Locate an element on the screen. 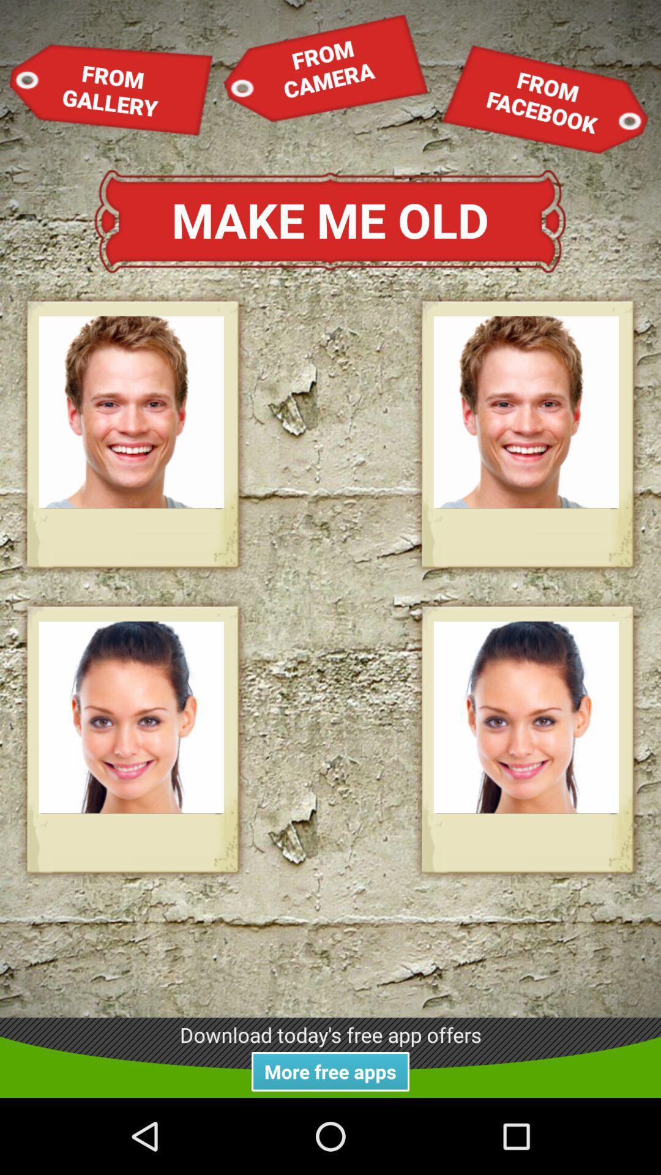  the item next to from is located at coordinates (325, 67).